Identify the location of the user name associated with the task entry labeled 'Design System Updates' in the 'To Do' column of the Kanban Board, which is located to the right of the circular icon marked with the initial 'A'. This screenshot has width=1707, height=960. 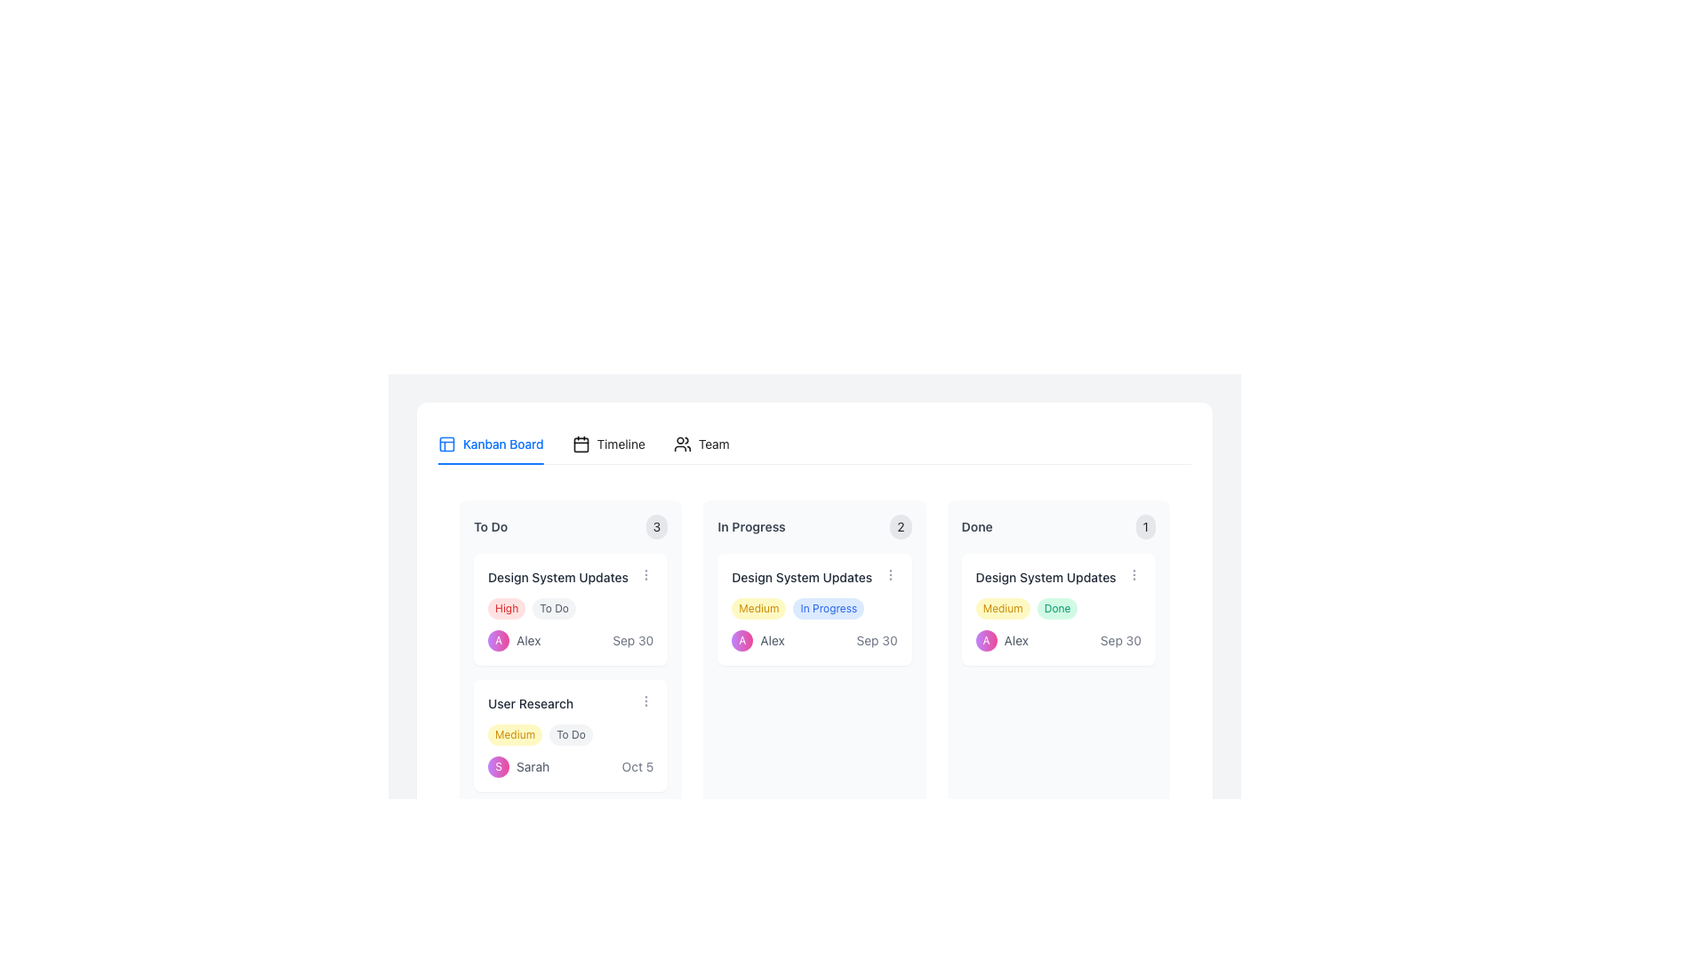
(527, 641).